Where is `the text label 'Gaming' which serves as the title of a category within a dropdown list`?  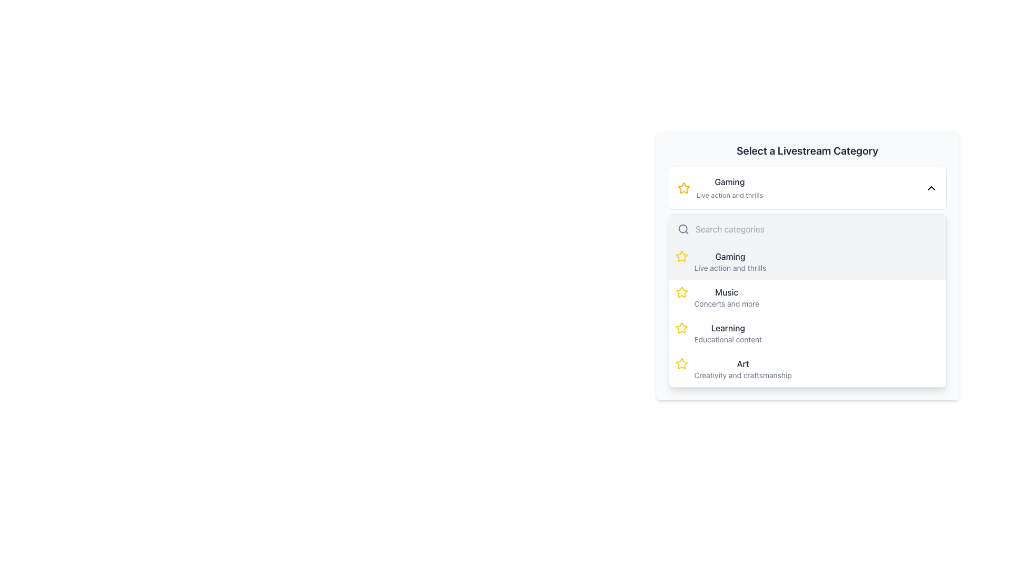 the text label 'Gaming' which serves as the title of a category within a dropdown list is located at coordinates (729, 181).